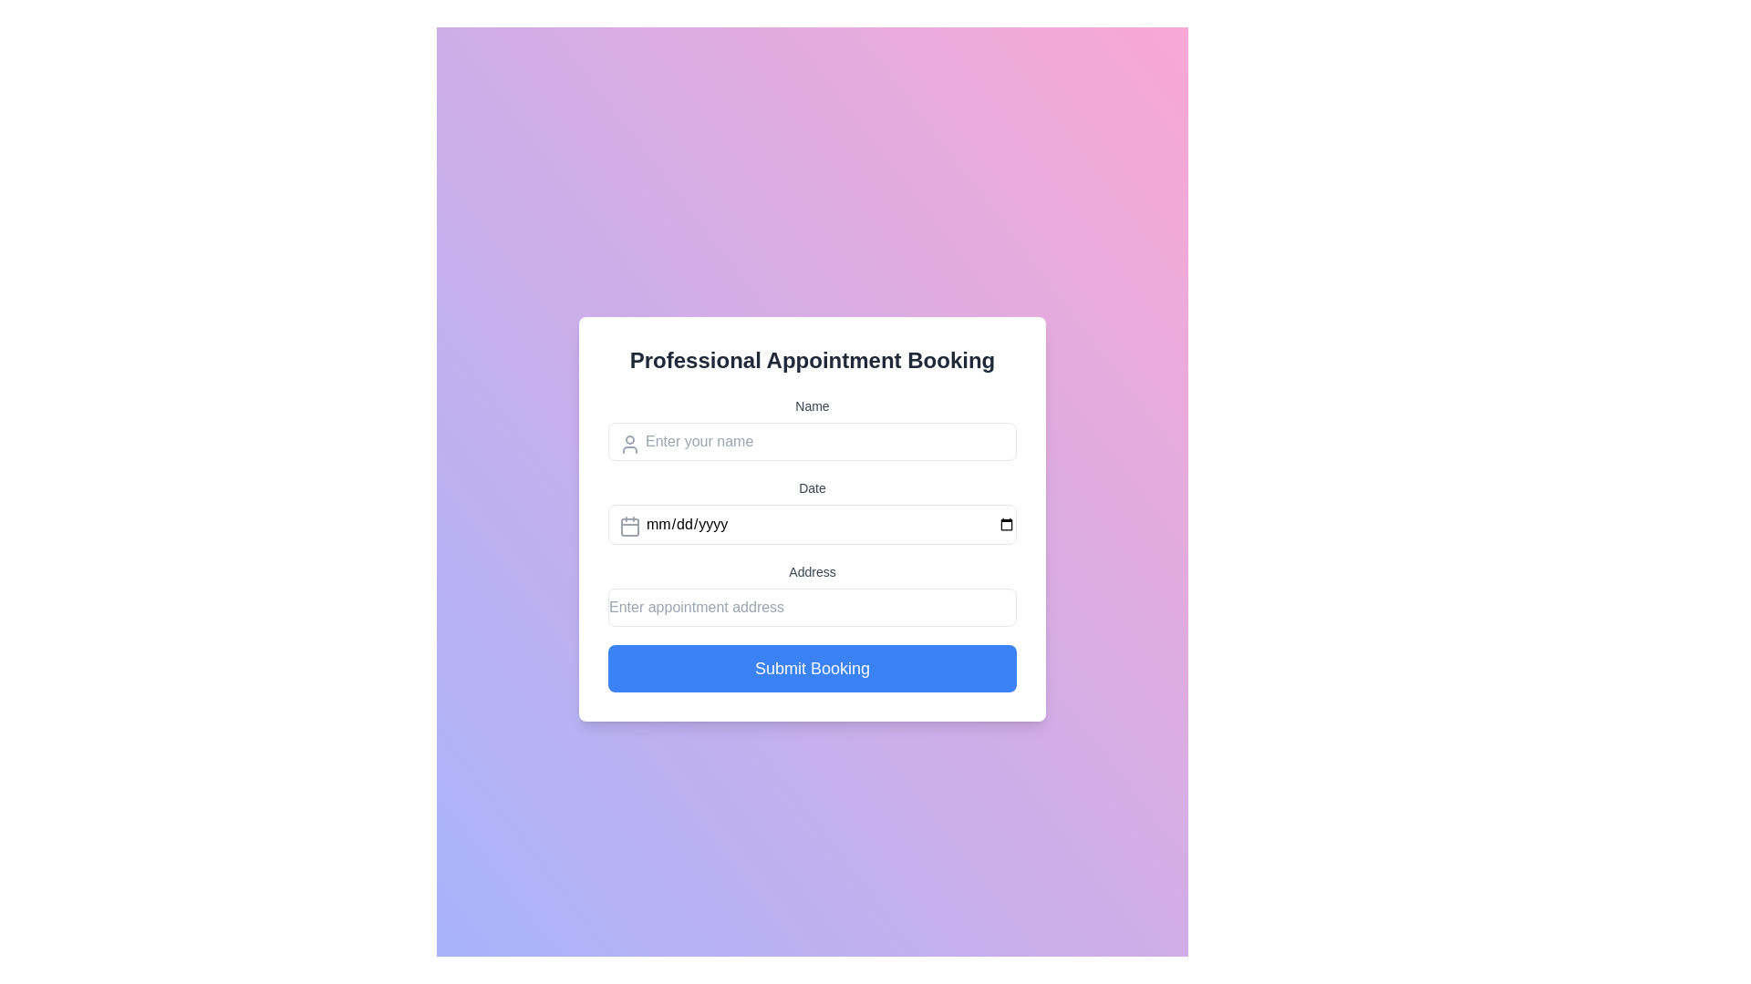 The image size is (1751, 984). I want to click on the 'Address' text input field in the 'Professional Appointment Booking' panel by tabbing to it, so click(812, 594).